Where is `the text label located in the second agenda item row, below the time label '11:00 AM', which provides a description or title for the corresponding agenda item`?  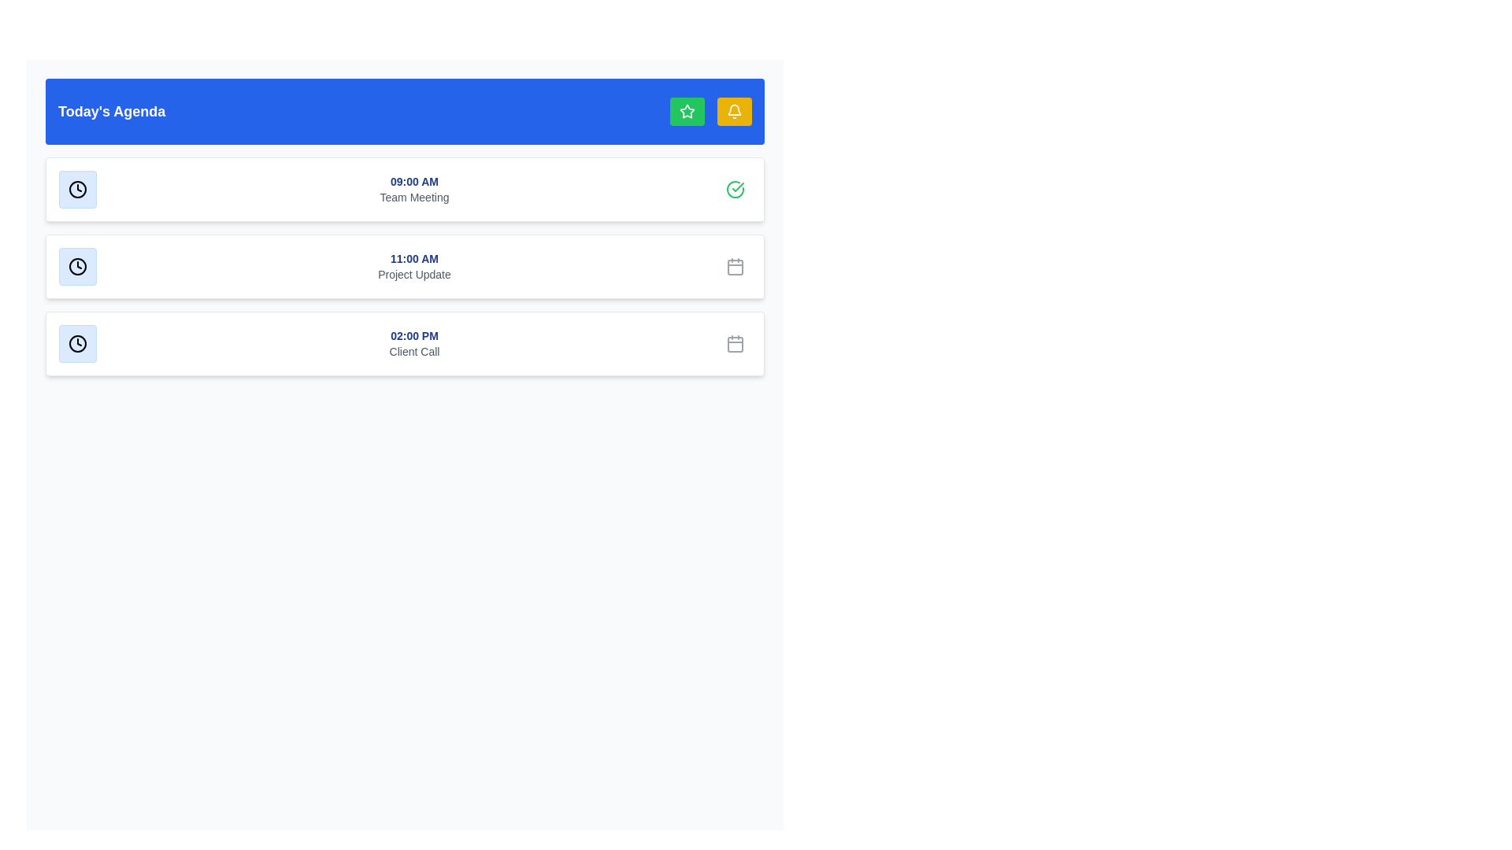 the text label located in the second agenda item row, below the time label '11:00 AM', which provides a description or title for the corresponding agenda item is located at coordinates (414, 273).